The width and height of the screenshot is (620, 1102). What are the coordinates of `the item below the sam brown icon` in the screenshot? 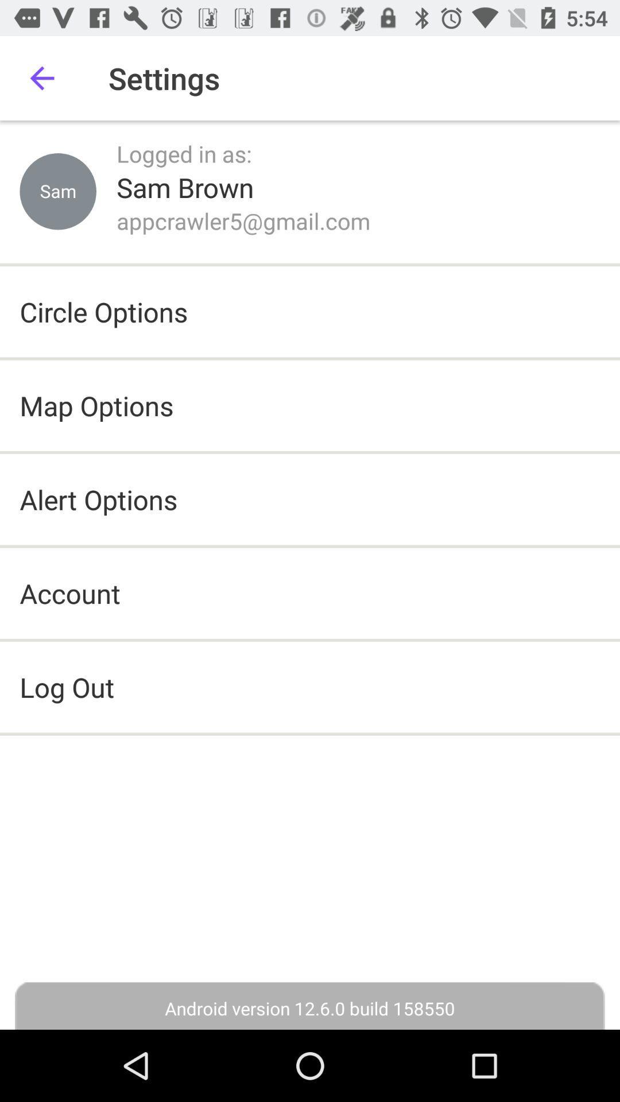 It's located at (243, 221).